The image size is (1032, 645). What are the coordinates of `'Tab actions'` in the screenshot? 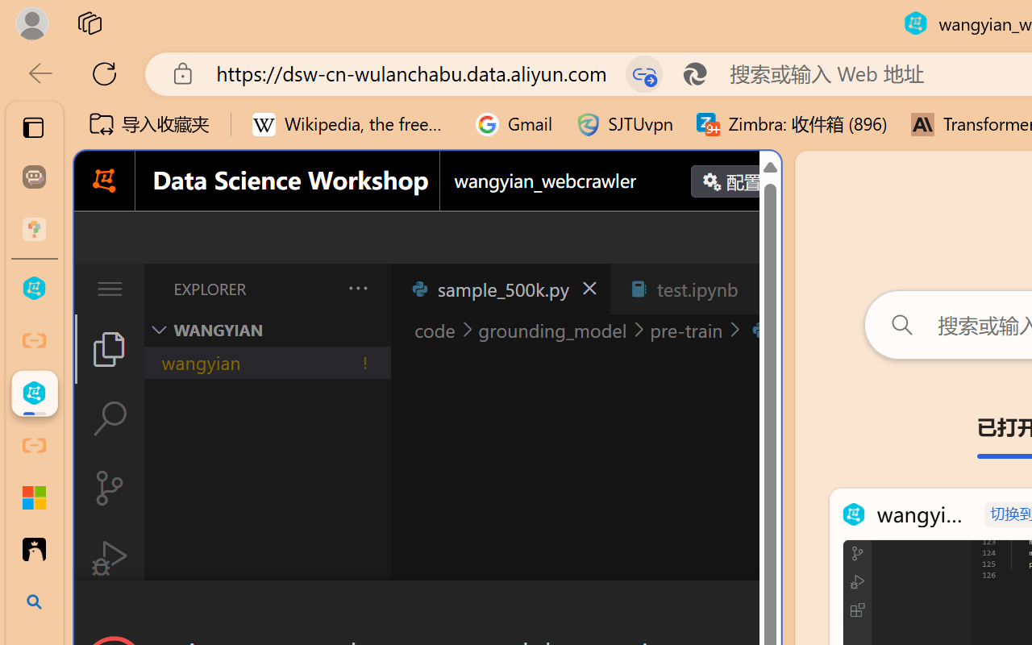 It's located at (761, 289).